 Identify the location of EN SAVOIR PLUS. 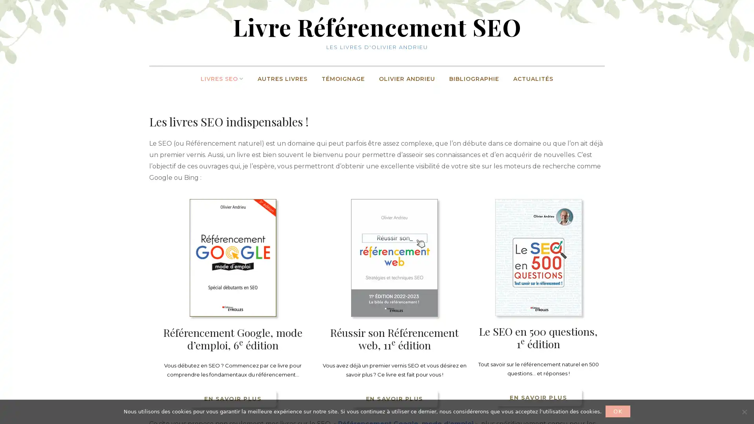
(394, 398).